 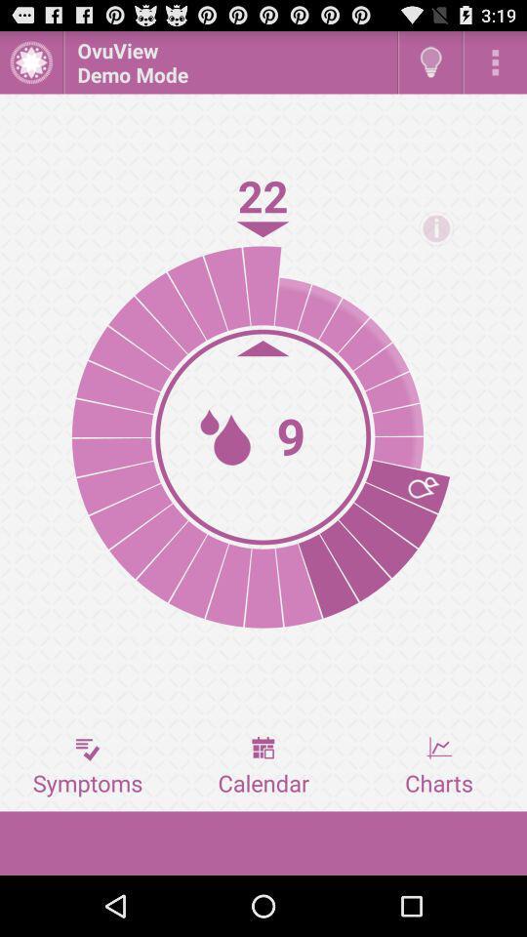 I want to click on open options, so click(x=495, y=61).